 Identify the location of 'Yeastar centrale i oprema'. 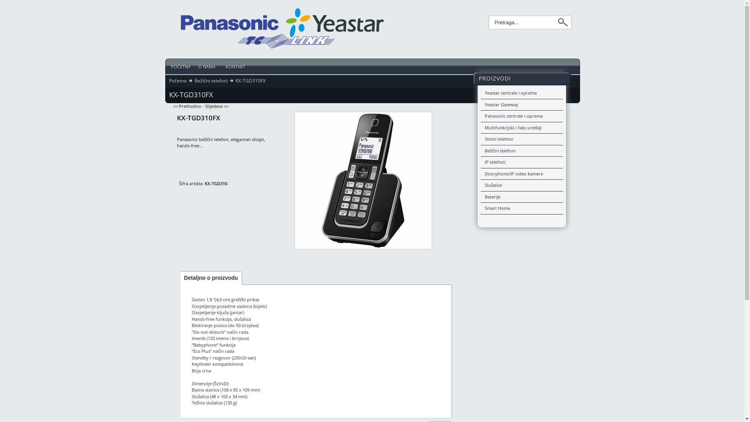
(521, 93).